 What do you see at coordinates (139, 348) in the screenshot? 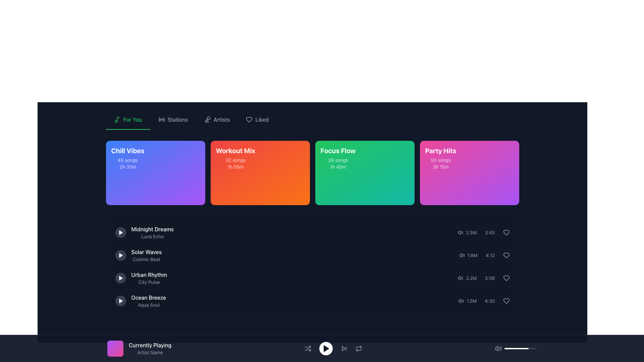
I see `information displayed in the label that shows 'Currently Playing' and 'Artist Name', which is accompanied by a gradient graphic on the left side` at bounding box center [139, 348].